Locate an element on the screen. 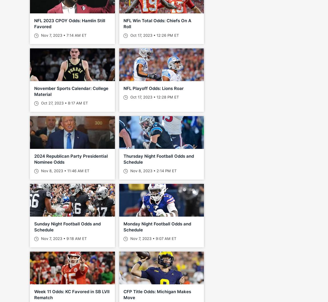 This screenshot has height=302, width=328. 'Nov 7, 2023 • 9:18 AM ET' is located at coordinates (63, 238).